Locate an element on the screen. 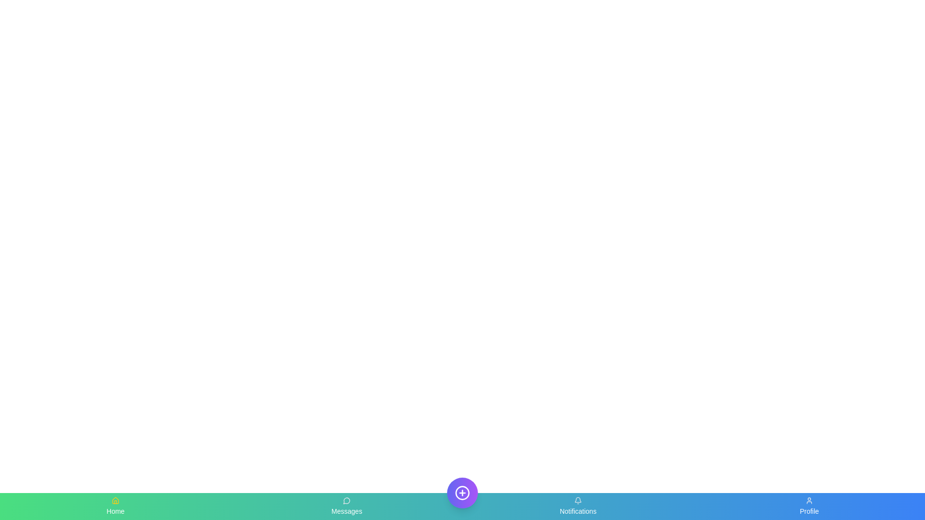 This screenshot has width=925, height=520. the Messages tab in the bottom navigation bar is located at coordinates (347, 506).